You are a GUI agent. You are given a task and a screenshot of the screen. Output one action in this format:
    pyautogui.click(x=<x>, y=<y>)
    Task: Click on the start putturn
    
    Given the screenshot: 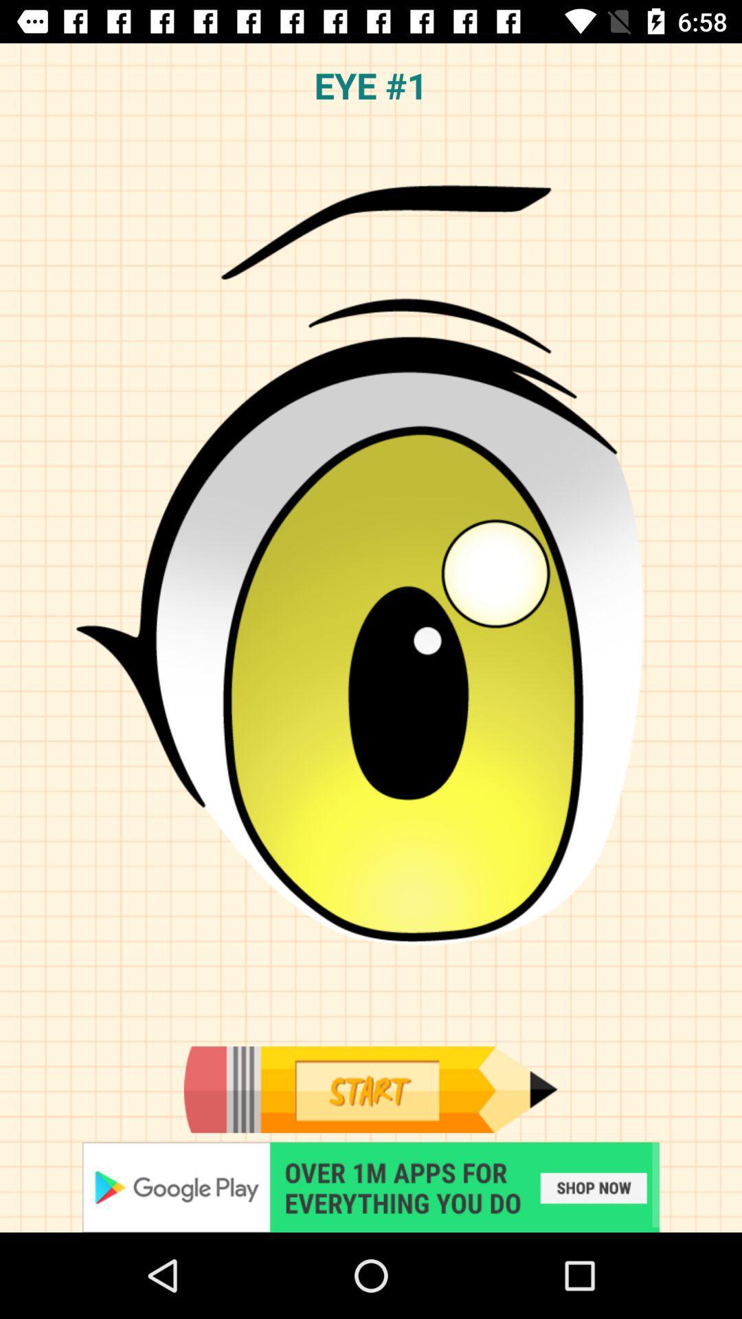 What is the action you would take?
    pyautogui.click(x=371, y=1186)
    